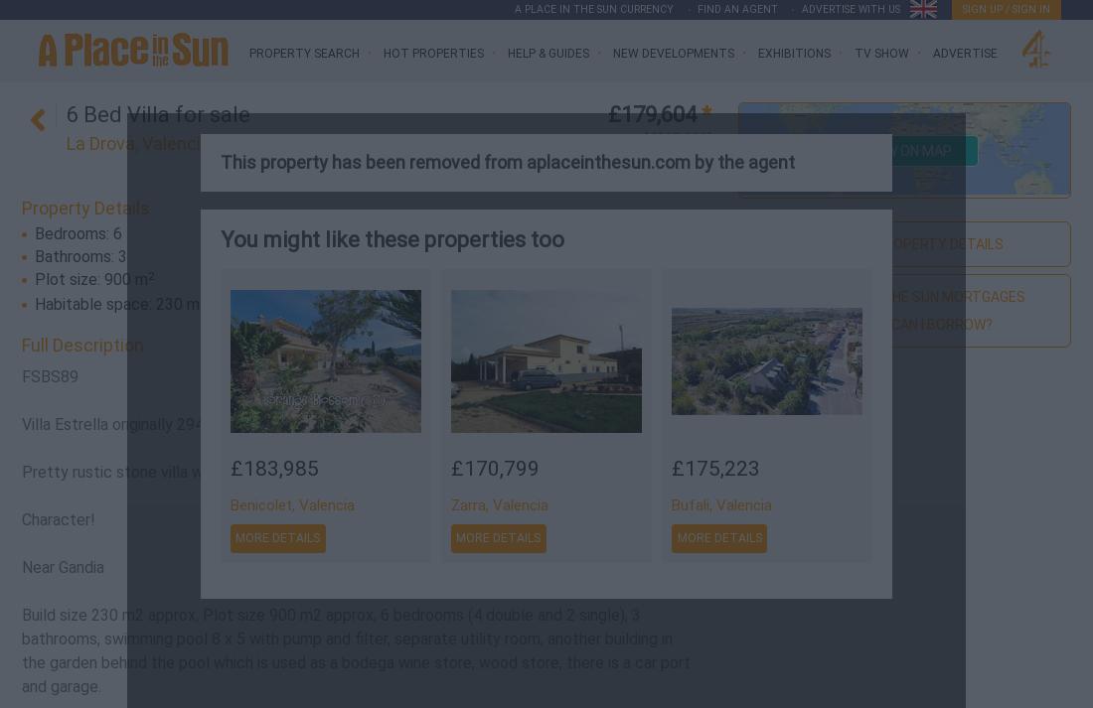 The image size is (1093, 708). Describe the element at coordinates (273, 469) in the screenshot. I see `'£183,985'` at that location.